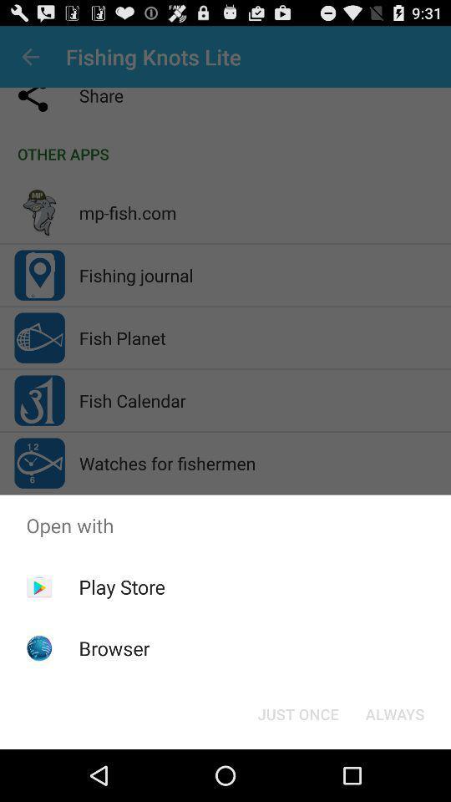  What do you see at coordinates (114, 647) in the screenshot?
I see `browser item` at bounding box center [114, 647].